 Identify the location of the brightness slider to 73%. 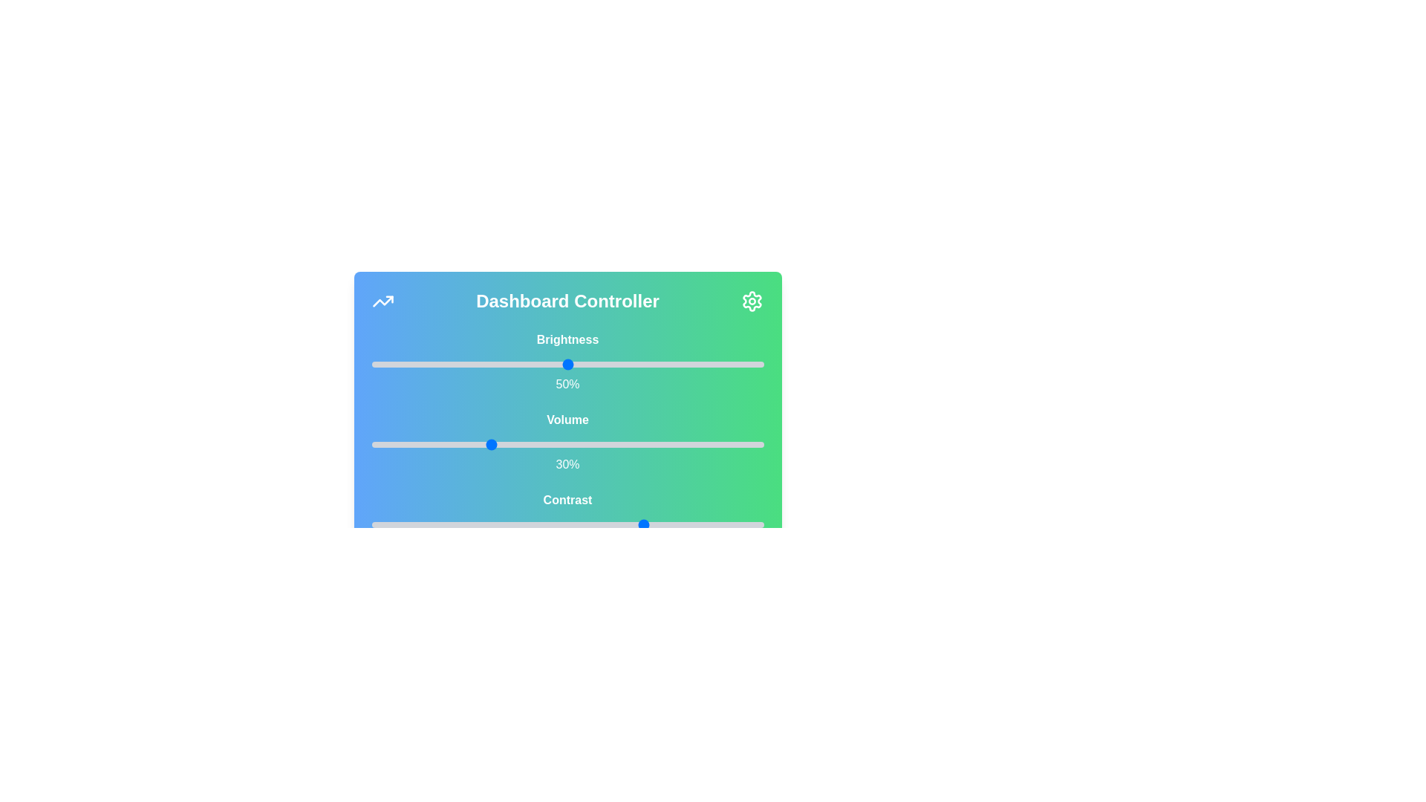
(657, 364).